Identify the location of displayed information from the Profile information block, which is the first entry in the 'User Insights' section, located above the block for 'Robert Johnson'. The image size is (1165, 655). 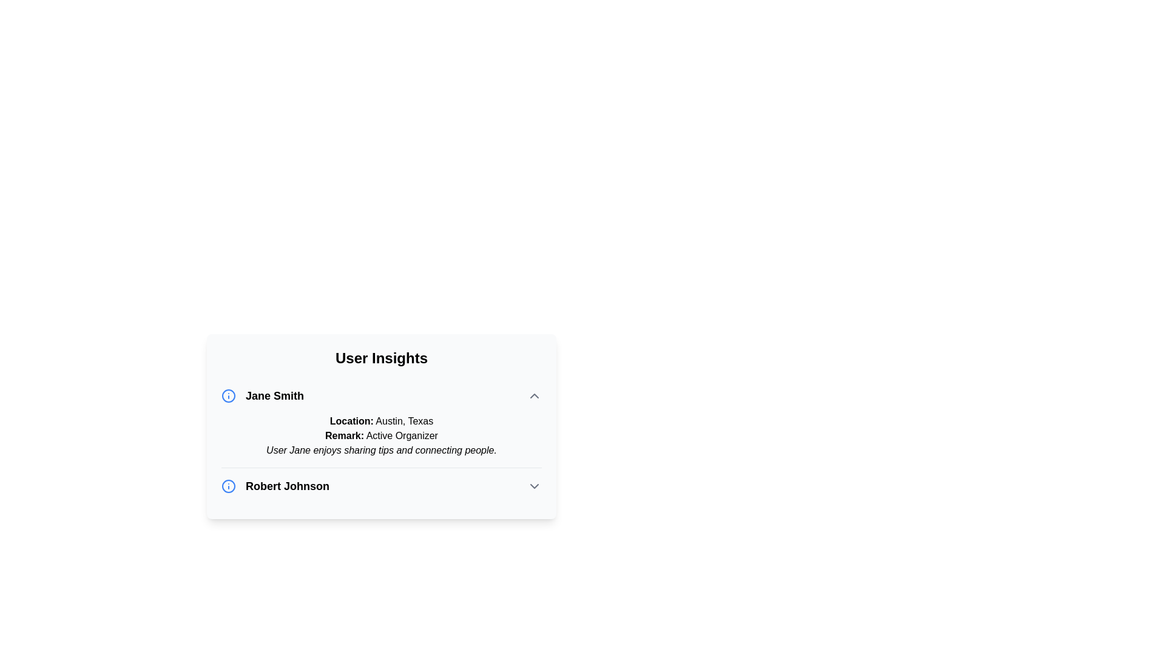
(380, 441).